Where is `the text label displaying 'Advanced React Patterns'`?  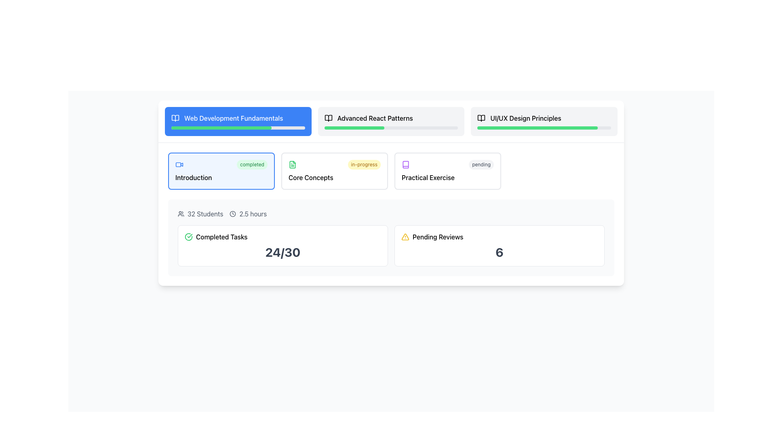 the text label displaying 'Advanced React Patterns' is located at coordinates (374, 118).